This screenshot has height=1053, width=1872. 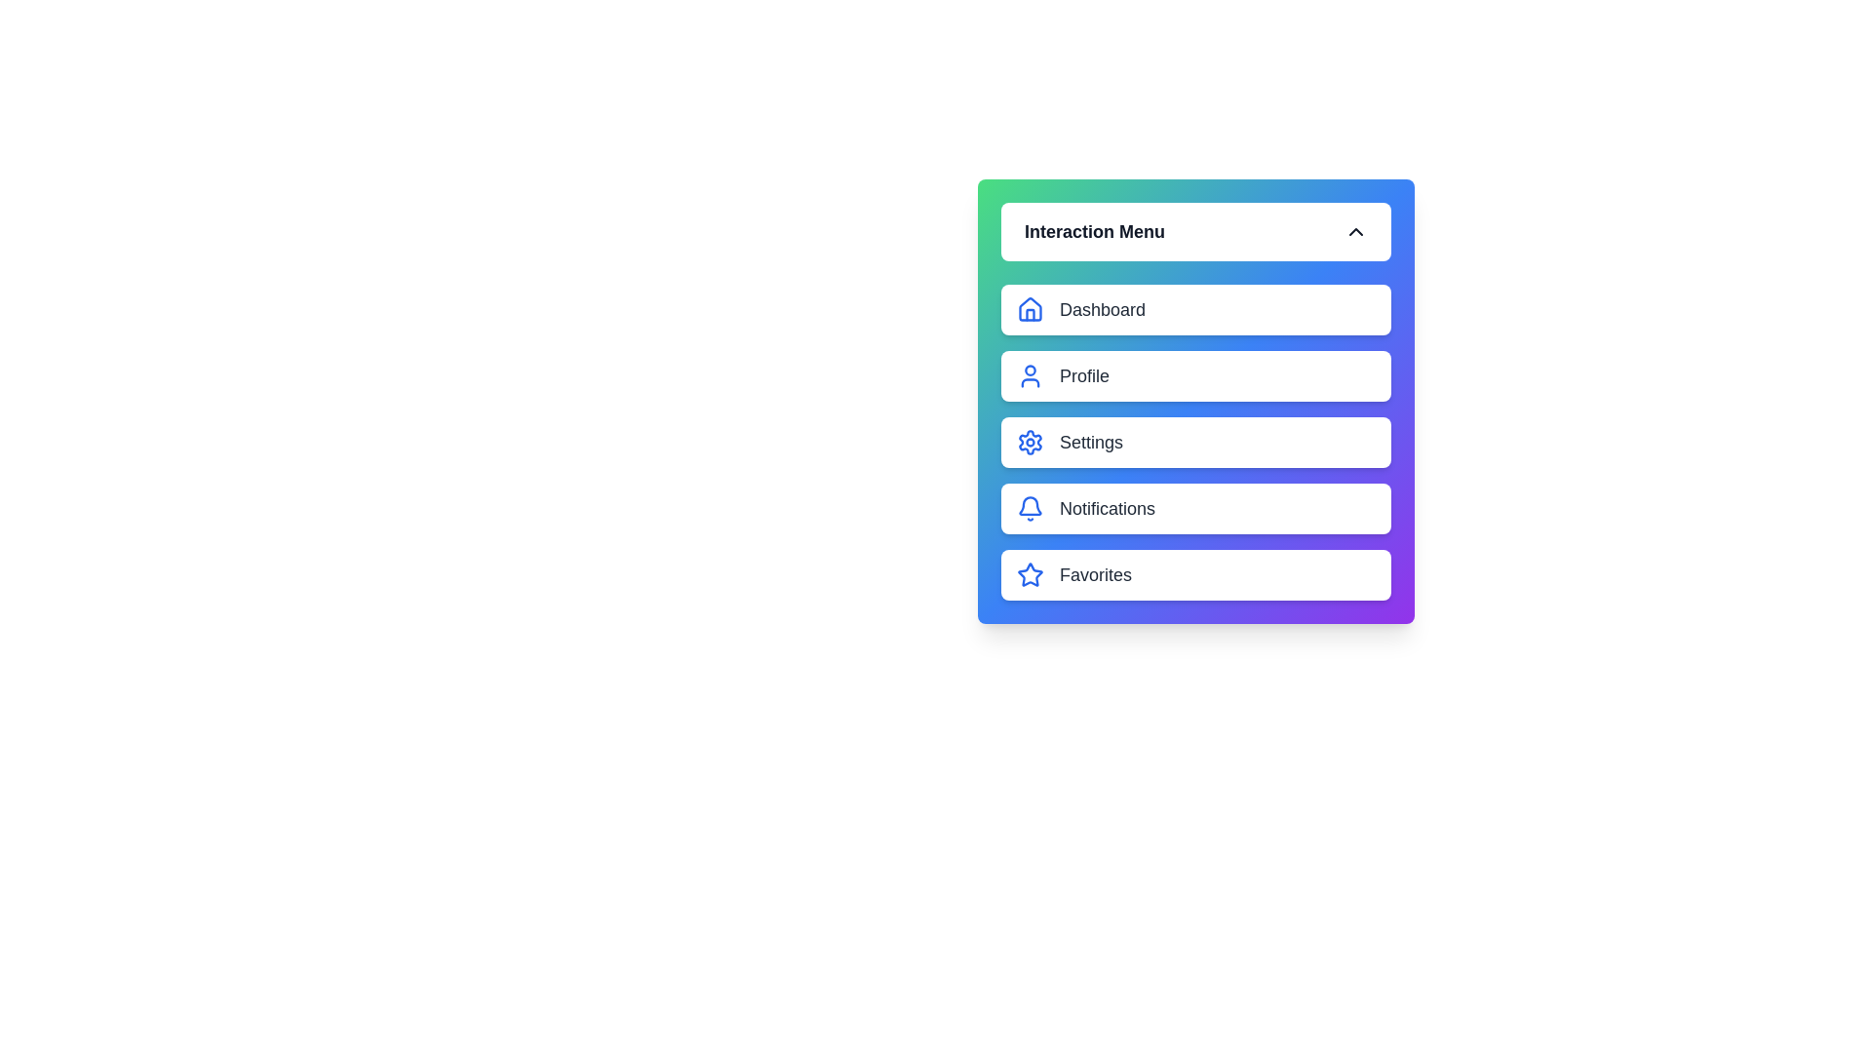 What do you see at coordinates (1195, 375) in the screenshot?
I see `the menu item Profile in the ModernProfileMenu` at bounding box center [1195, 375].